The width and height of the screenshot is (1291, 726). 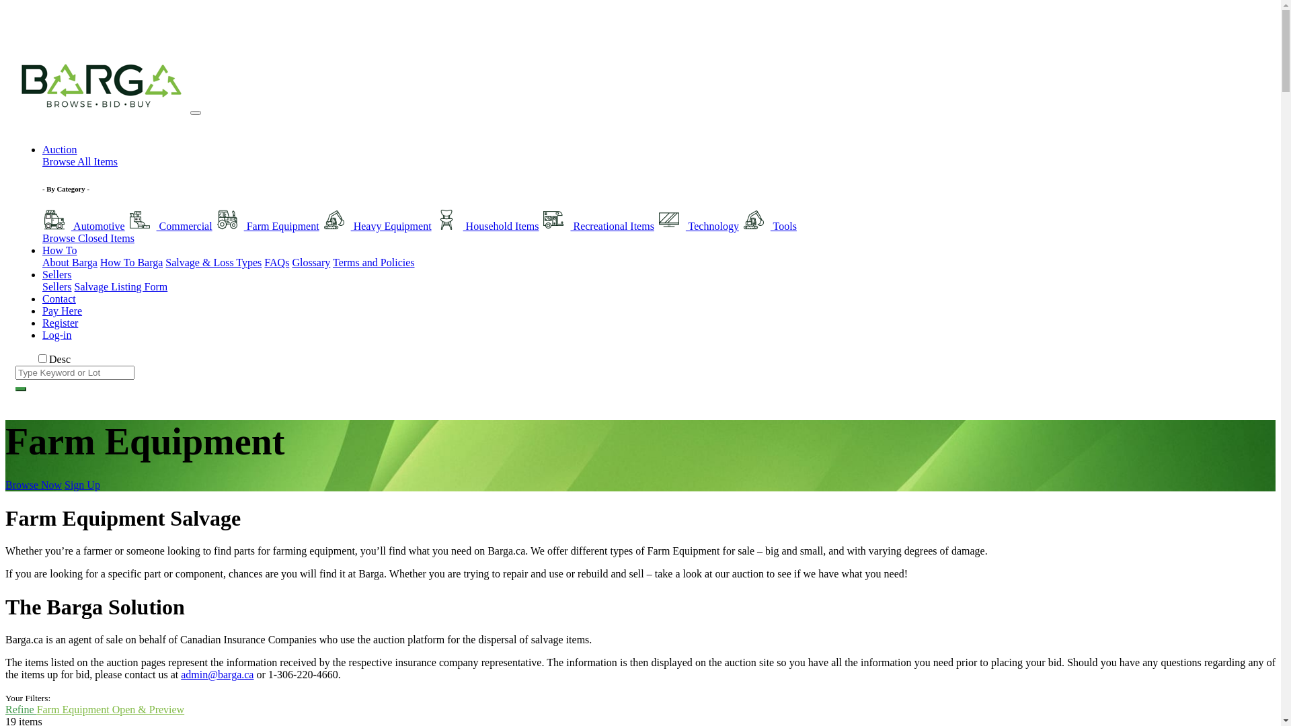 What do you see at coordinates (276, 262) in the screenshot?
I see `'FAQs'` at bounding box center [276, 262].